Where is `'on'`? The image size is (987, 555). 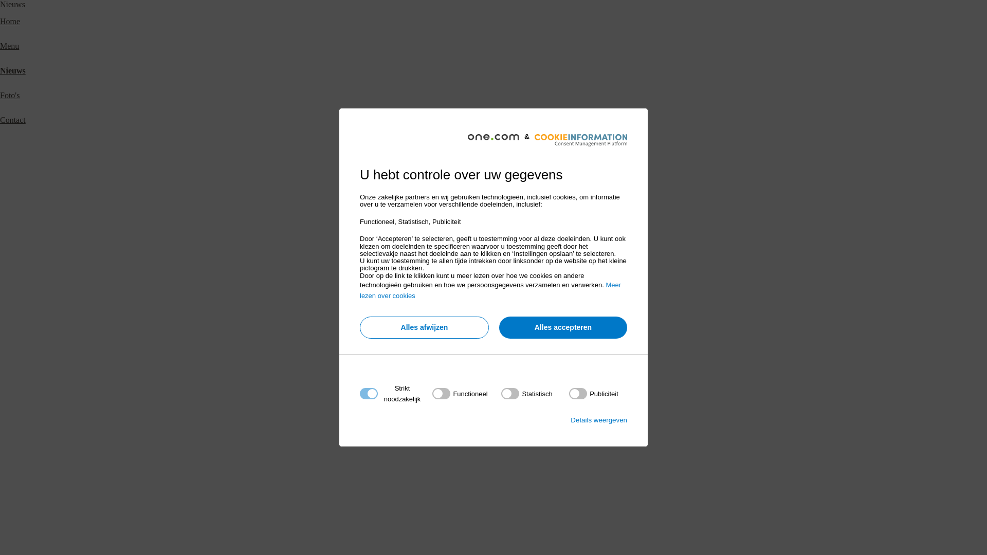
'on' is located at coordinates (526, 393).